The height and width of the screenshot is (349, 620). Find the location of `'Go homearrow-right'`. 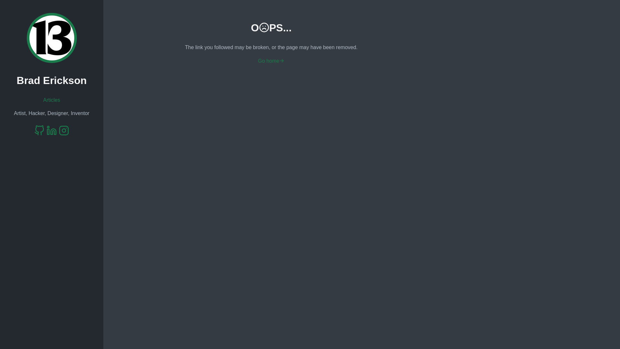

'Go homearrow-right' is located at coordinates (271, 61).